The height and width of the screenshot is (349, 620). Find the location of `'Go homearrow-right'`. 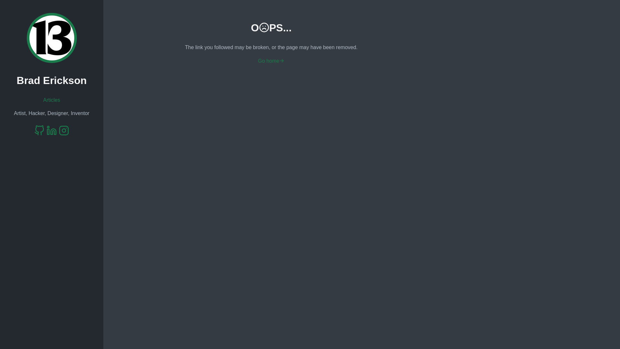

'Go homearrow-right' is located at coordinates (271, 61).